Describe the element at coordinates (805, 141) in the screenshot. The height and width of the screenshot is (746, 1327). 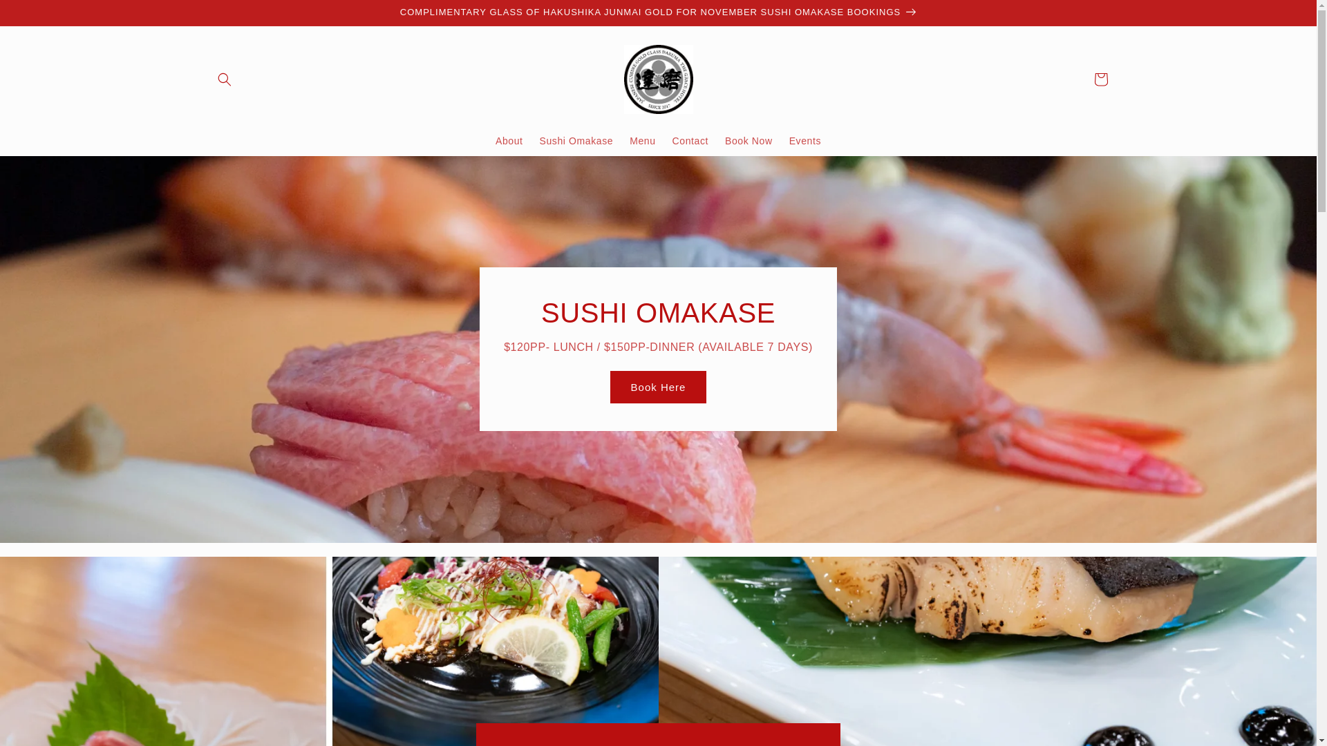
I see `'Events'` at that location.